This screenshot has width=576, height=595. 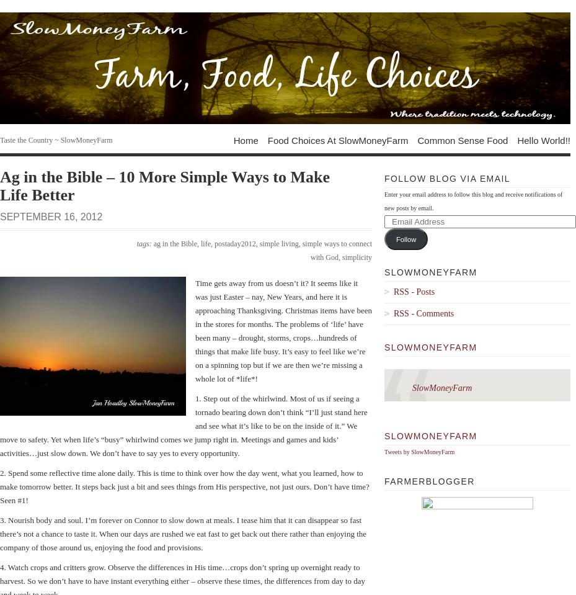 I want to click on '2. Spend some reflective time alone daily. This is time to think over how the day went, what you learned, how to make tomorrow better. It steps back just a bit and sees things from His perspective, not just ours. Don’t have time? Seen #1!', so click(x=184, y=486).